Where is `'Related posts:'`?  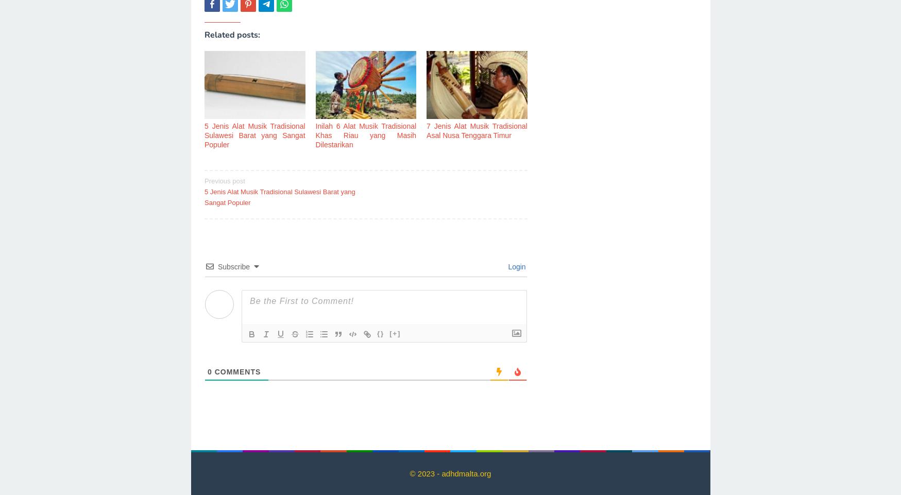 'Related posts:' is located at coordinates (232, 35).